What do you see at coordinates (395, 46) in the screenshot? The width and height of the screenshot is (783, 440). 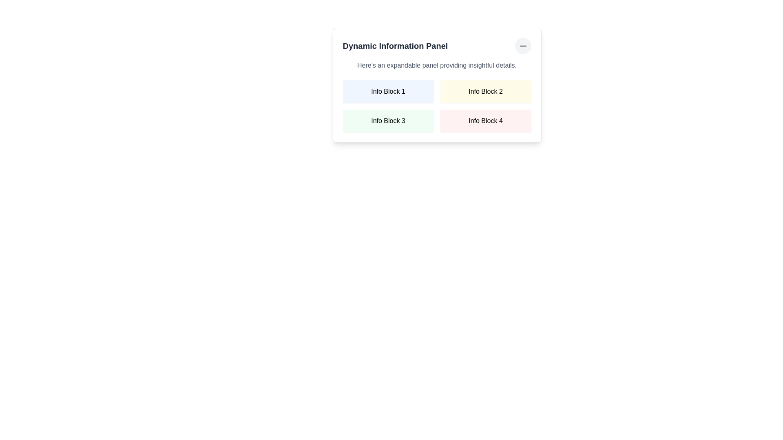 I see `the text label displaying 'Dynamic Information Panel' which is styled with bold, large gray font and located at the top-left of the information panel` at bounding box center [395, 46].